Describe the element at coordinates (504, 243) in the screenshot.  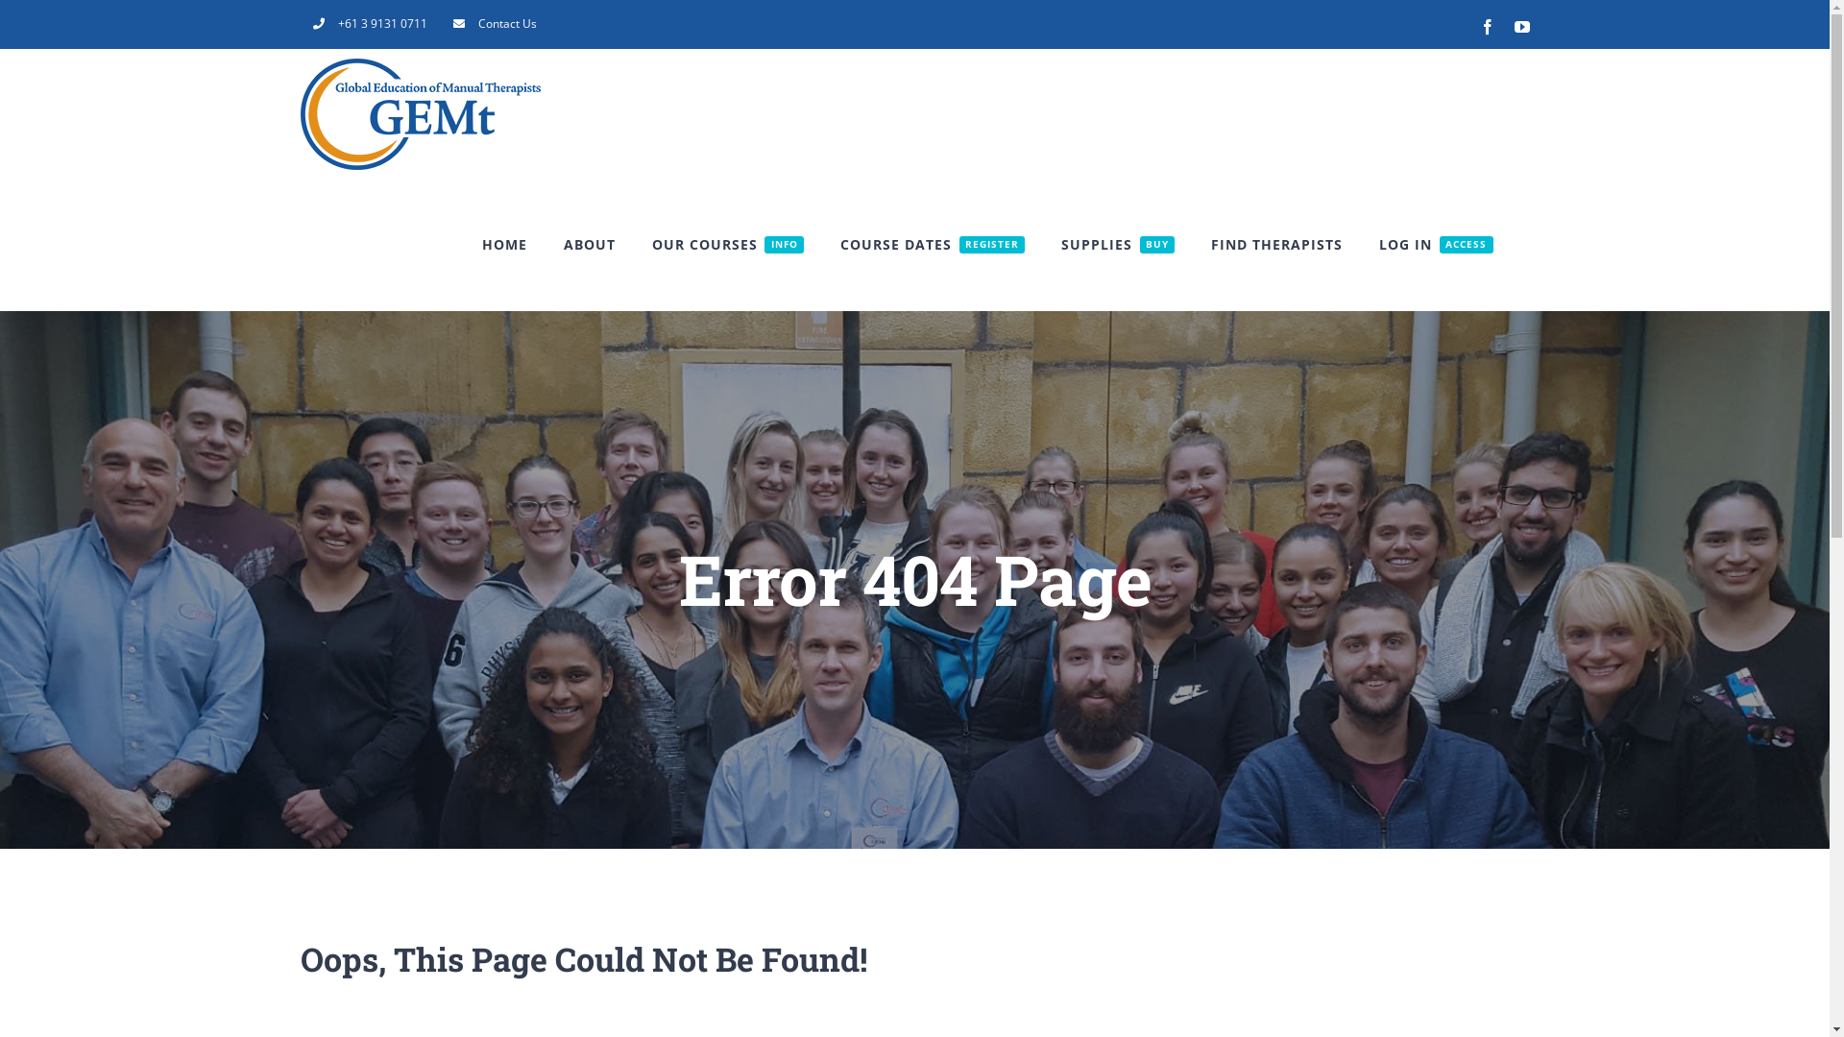
I see `'HOME'` at that location.